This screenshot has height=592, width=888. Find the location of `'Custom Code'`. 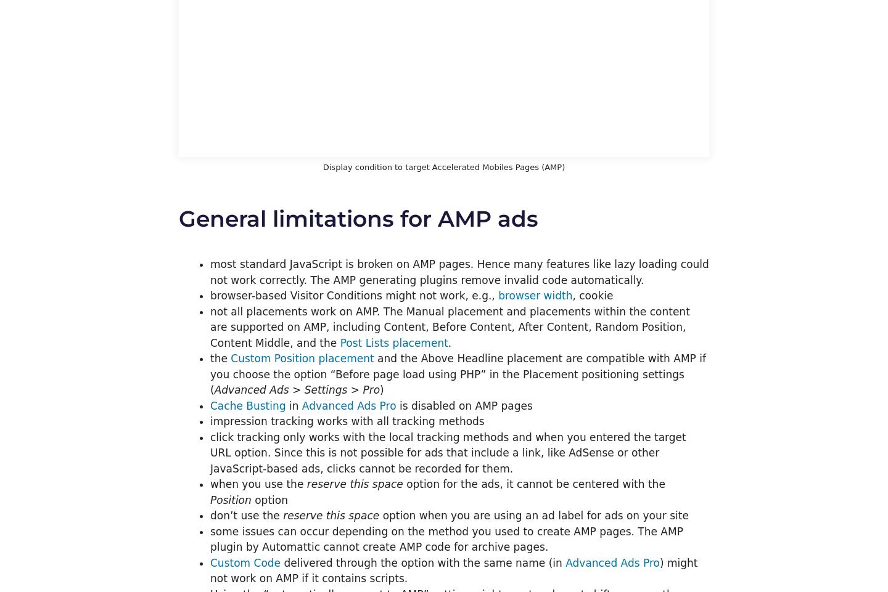

'Custom Code' is located at coordinates (245, 562).